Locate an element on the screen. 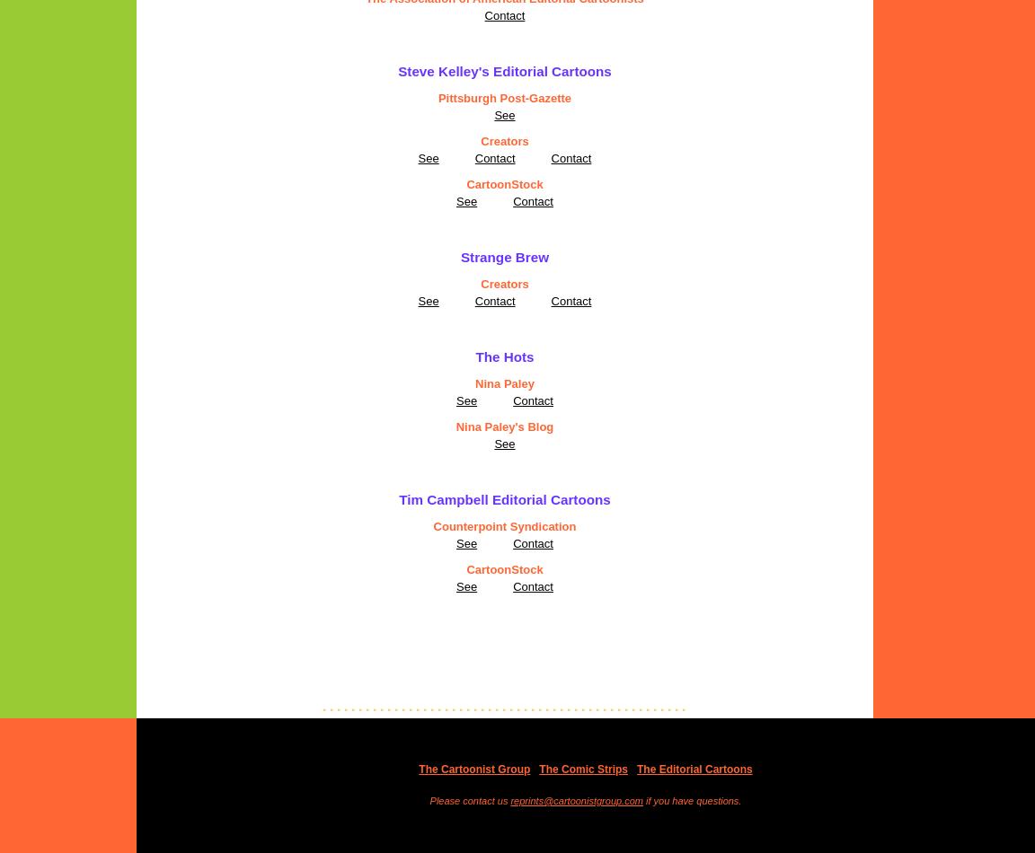 This screenshot has height=853, width=1035. 'The Hots' is located at coordinates (504, 356).